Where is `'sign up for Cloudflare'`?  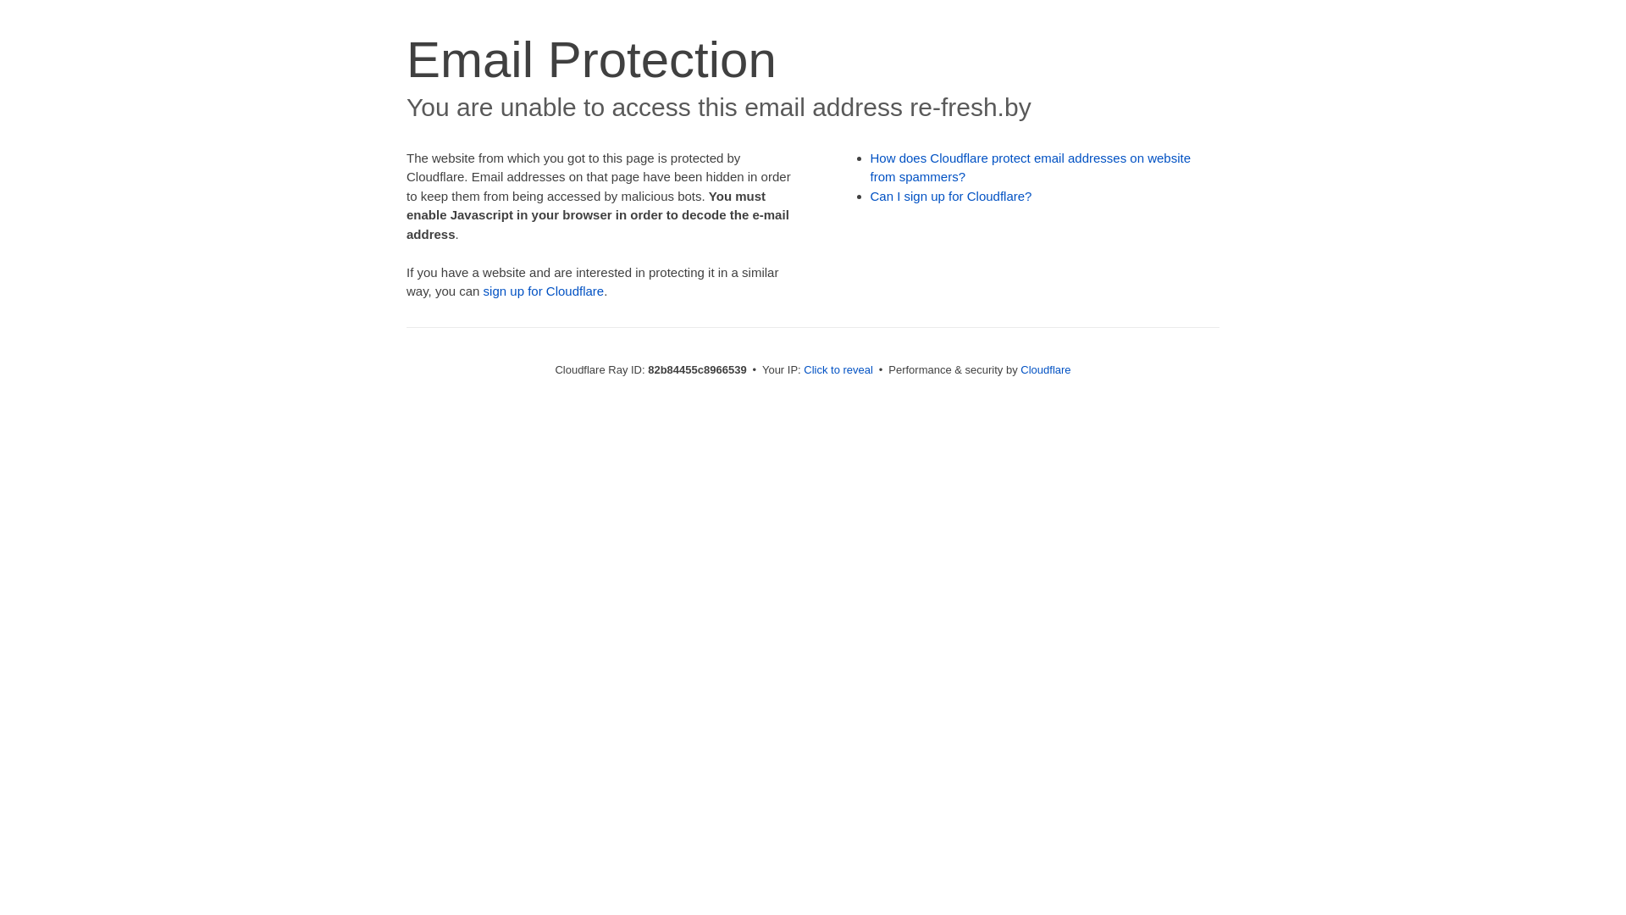 'sign up for Cloudflare' is located at coordinates (544, 290).